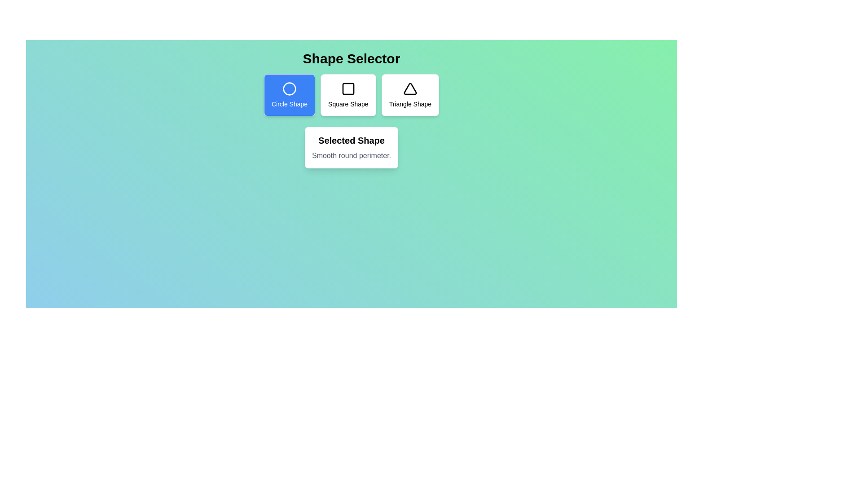 The height and width of the screenshot is (485, 862). Describe the element at coordinates (348, 95) in the screenshot. I see `the button corresponding to the shape square` at that location.